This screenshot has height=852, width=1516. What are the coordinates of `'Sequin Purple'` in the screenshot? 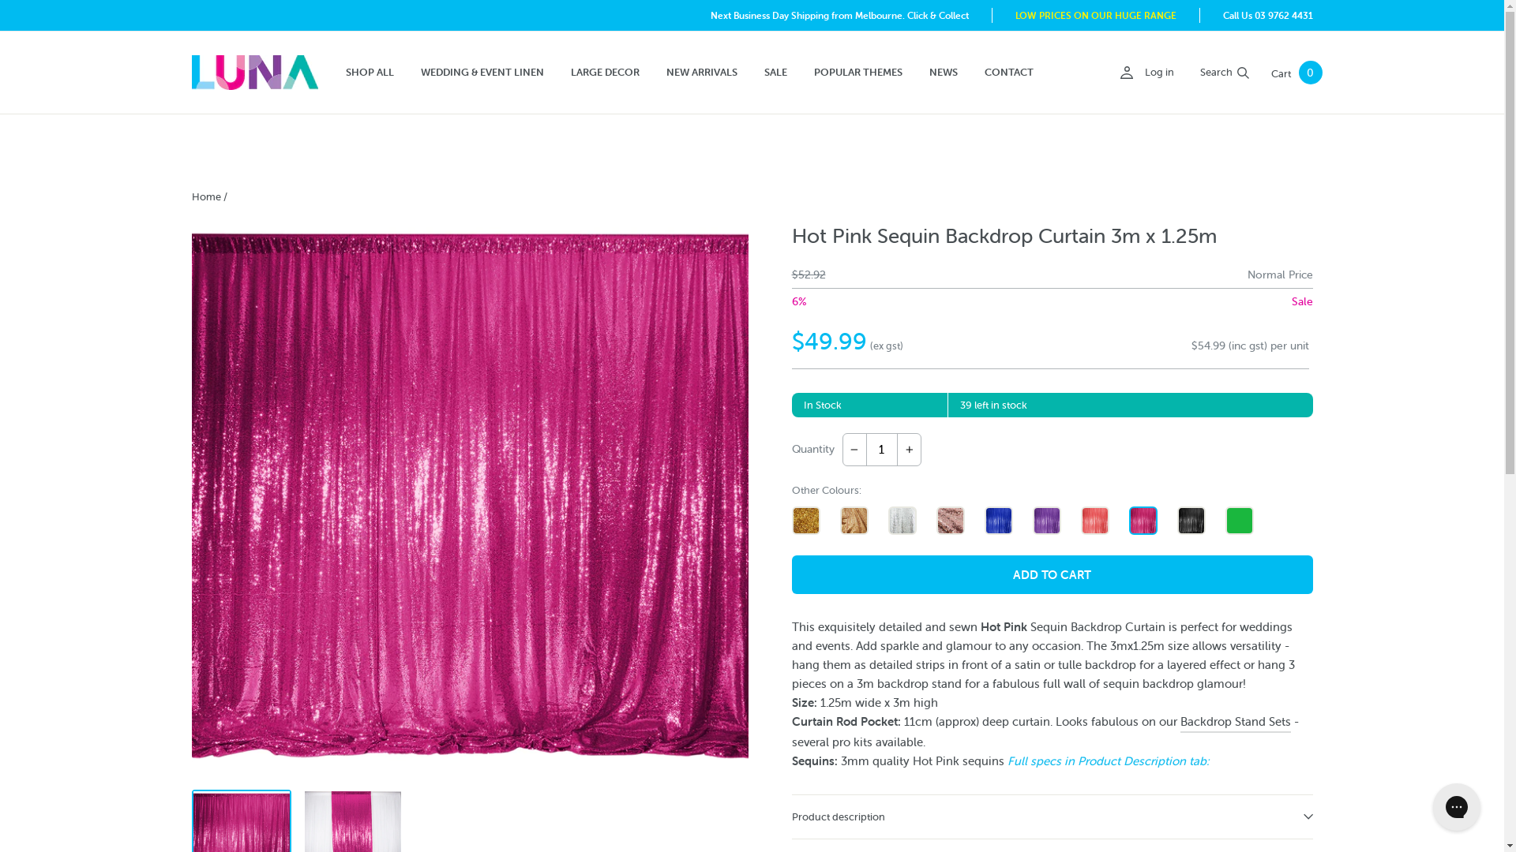 It's located at (1046, 520).